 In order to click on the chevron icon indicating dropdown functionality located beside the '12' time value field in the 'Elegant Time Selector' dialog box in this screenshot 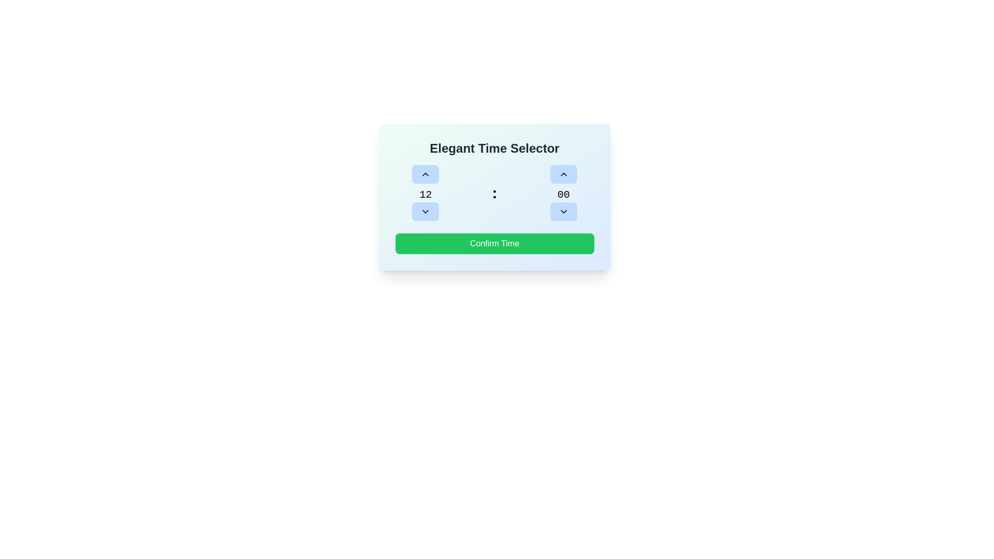, I will do `click(426, 211)`.